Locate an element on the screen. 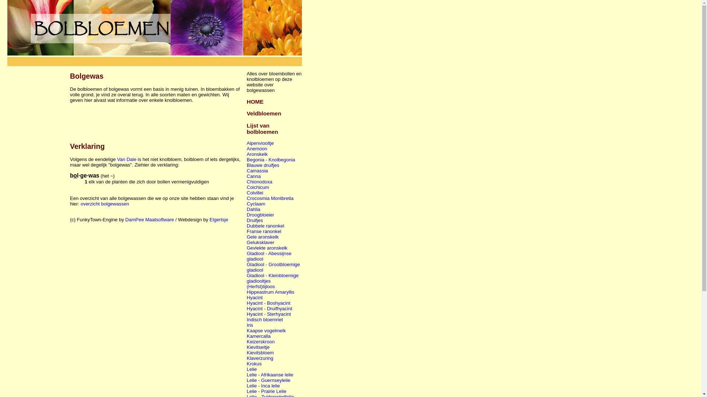  'Geluksklaver' is located at coordinates (260, 242).